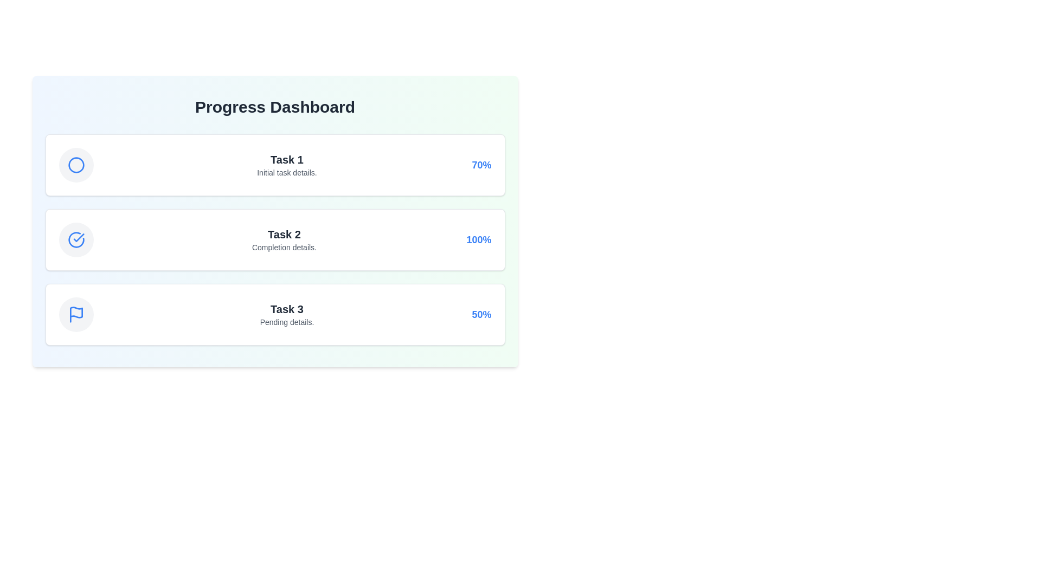 The height and width of the screenshot is (585, 1041). What do you see at coordinates (75, 165) in the screenshot?
I see `the Icon associated with Task 1, which is located on the left side of the text 'Task 1' and 'Initial task details.'` at bounding box center [75, 165].